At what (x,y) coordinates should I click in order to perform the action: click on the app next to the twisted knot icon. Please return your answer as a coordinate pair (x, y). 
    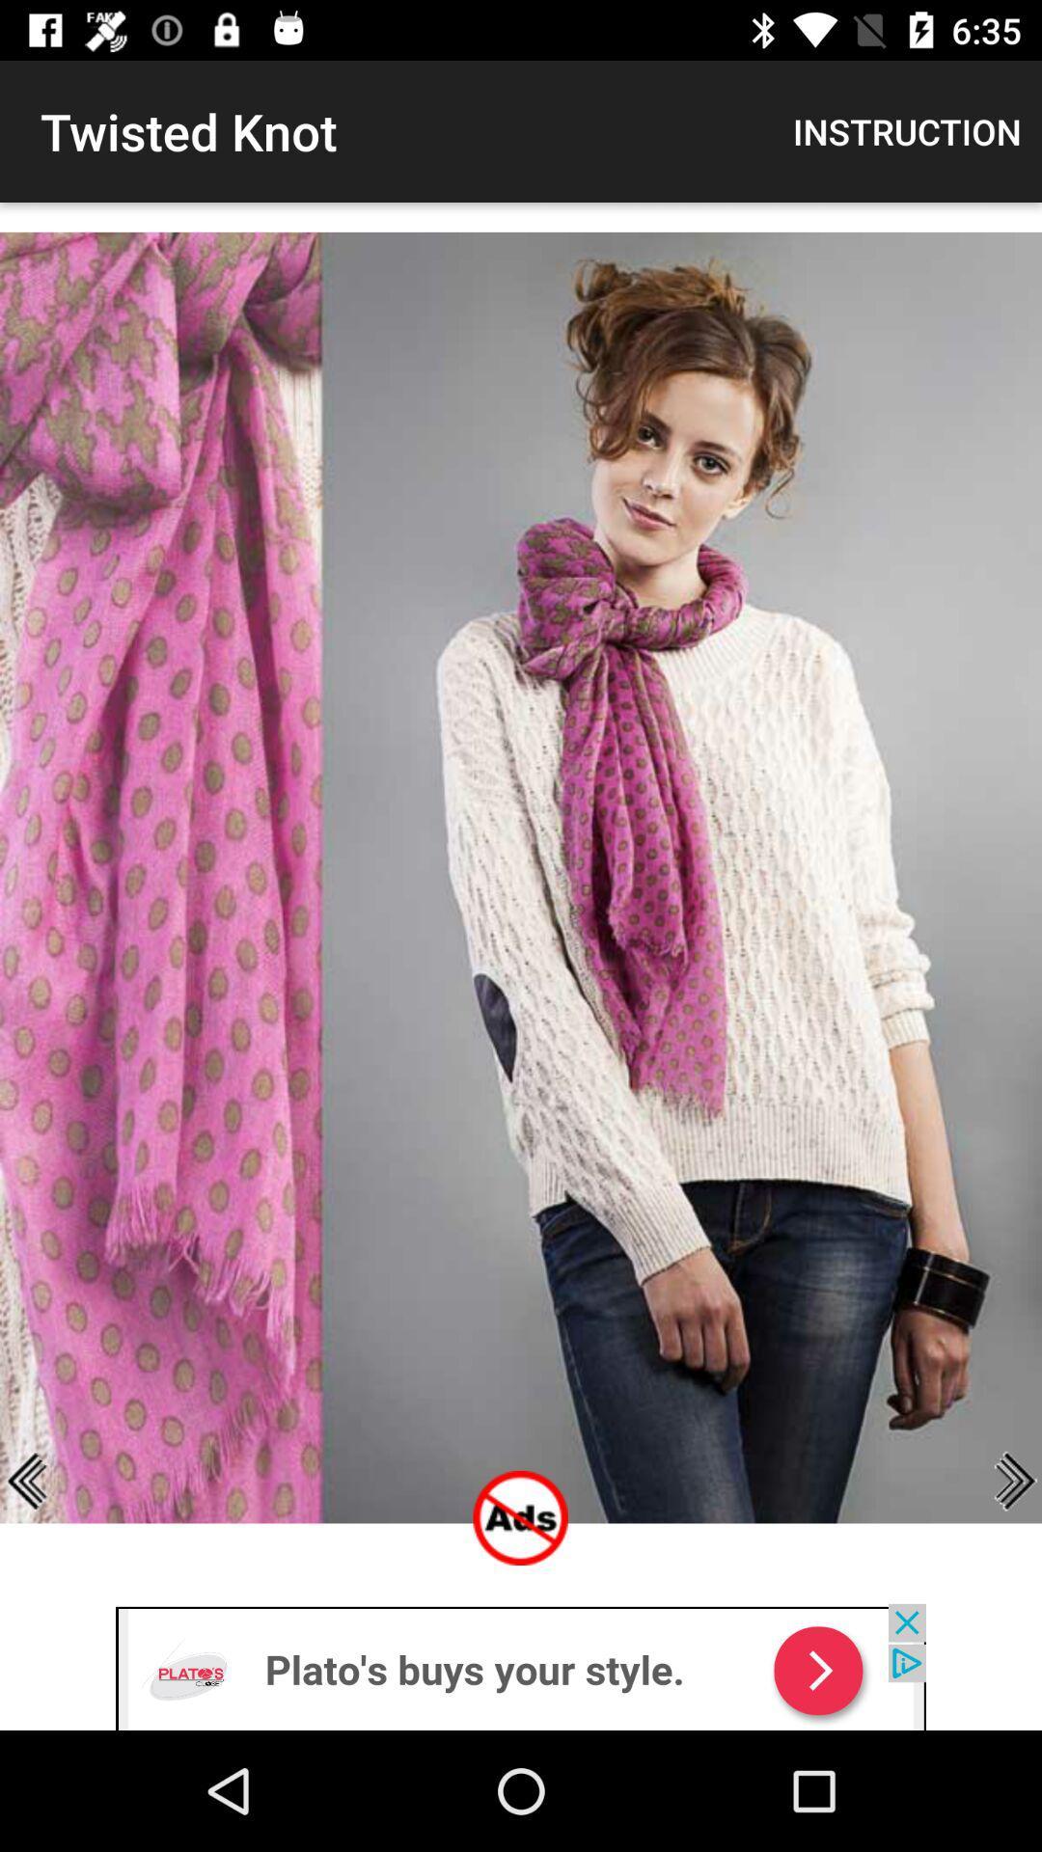
    Looking at the image, I should click on (907, 130).